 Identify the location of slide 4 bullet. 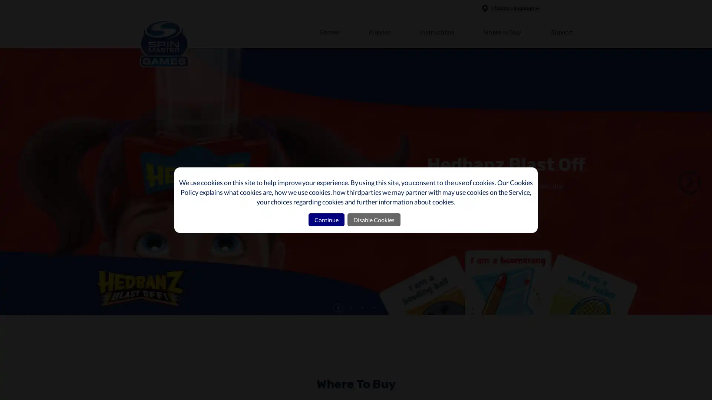
(374, 307).